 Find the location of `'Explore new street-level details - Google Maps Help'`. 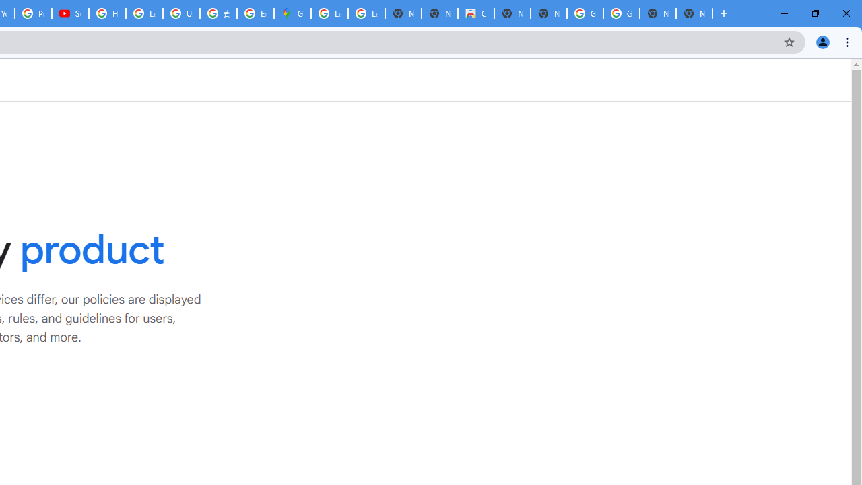

'Explore new street-level details - Google Maps Help' is located at coordinates (255, 13).